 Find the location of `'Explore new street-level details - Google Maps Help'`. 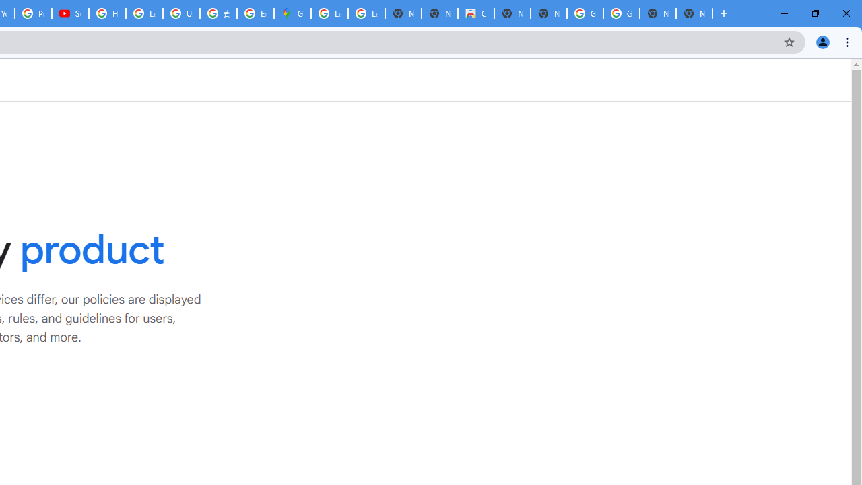

'Explore new street-level details - Google Maps Help' is located at coordinates (255, 13).